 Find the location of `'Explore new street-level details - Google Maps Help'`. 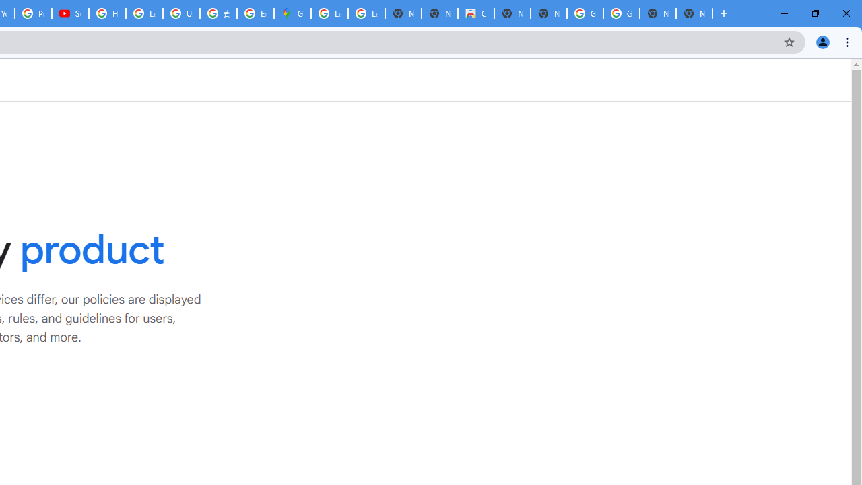

'Explore new street-level details - Google Maps Help' is located at coordinates (255, 13).